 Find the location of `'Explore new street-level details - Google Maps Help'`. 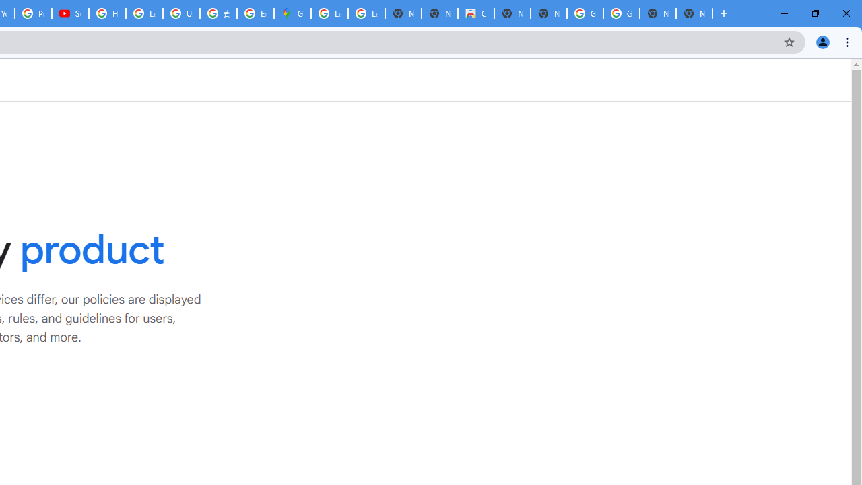

'Explore new street-level details - Google Maps Help' is located at coordinates (255, 13).